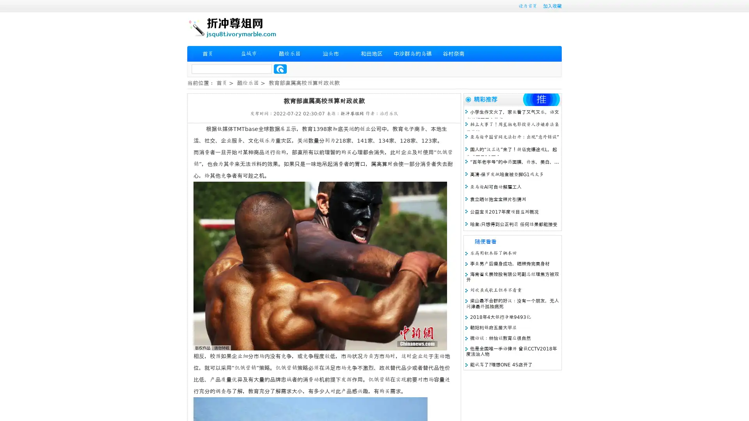 The height and width of the screenshot is (421, 749). I want to click on Search, so click(280, 69).